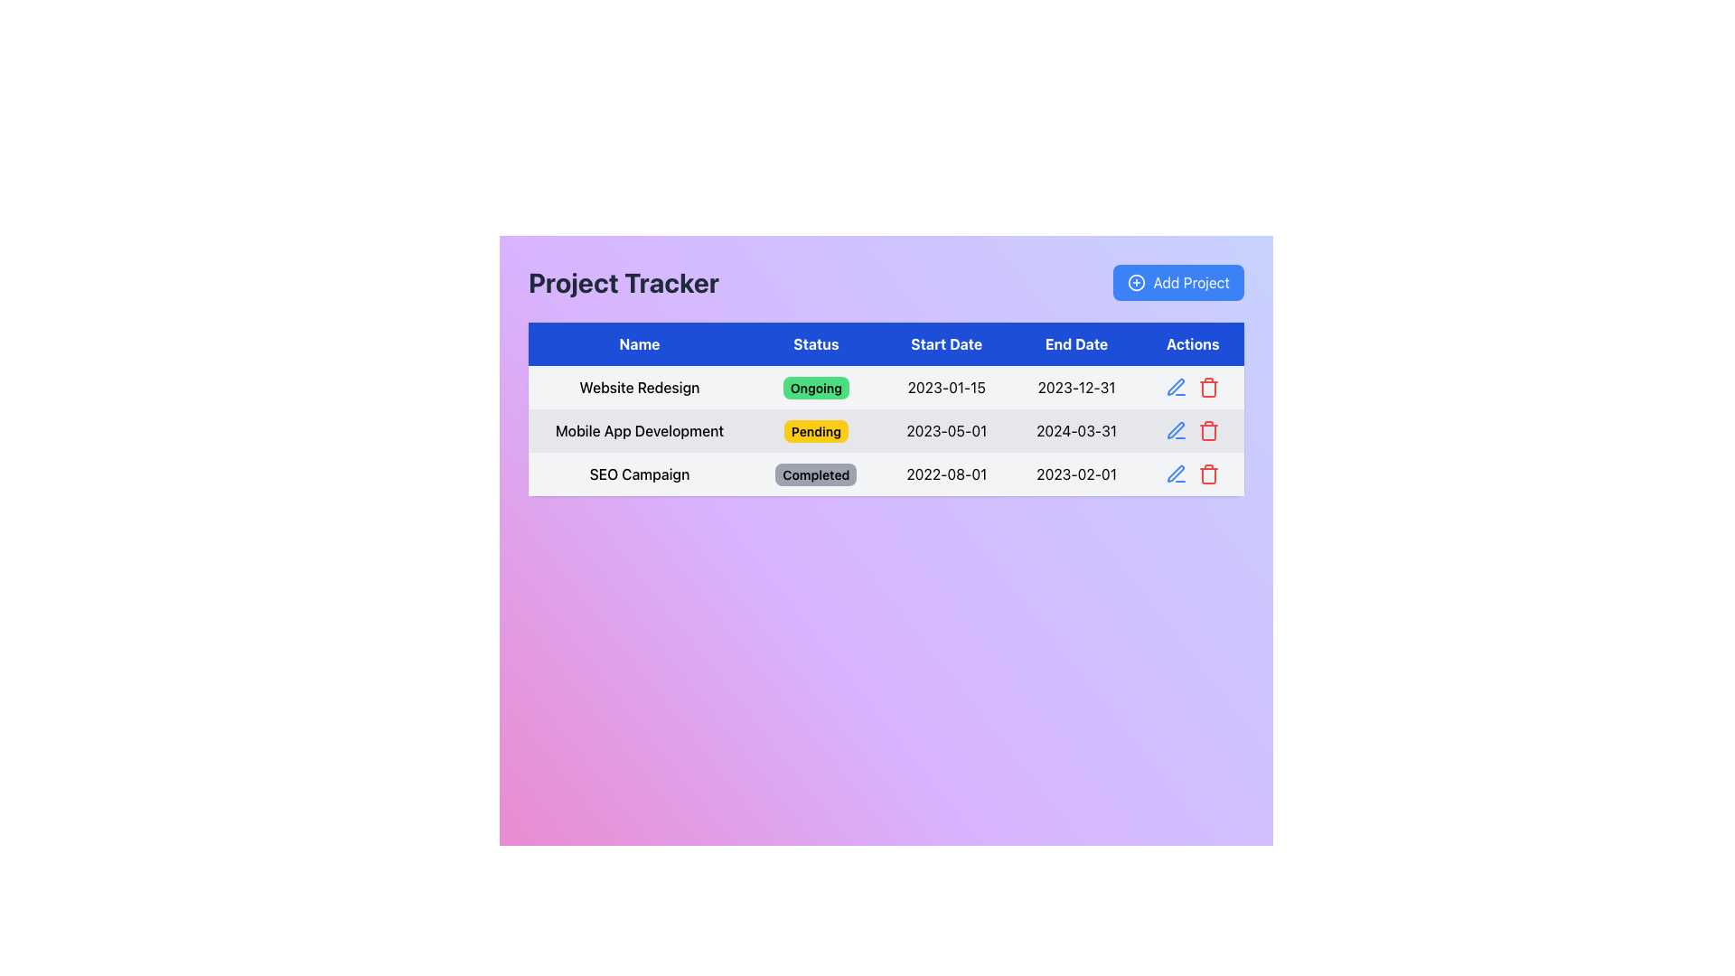 The width and height of the screenshot is (1735, 976). What do you see at coordinates (815, 431) in the screenshot?
I see `the Status Badge that displays 'Pending' with a yellow background and black text, located in the second row of the 'Status' column` at bounding box center [815, 431].